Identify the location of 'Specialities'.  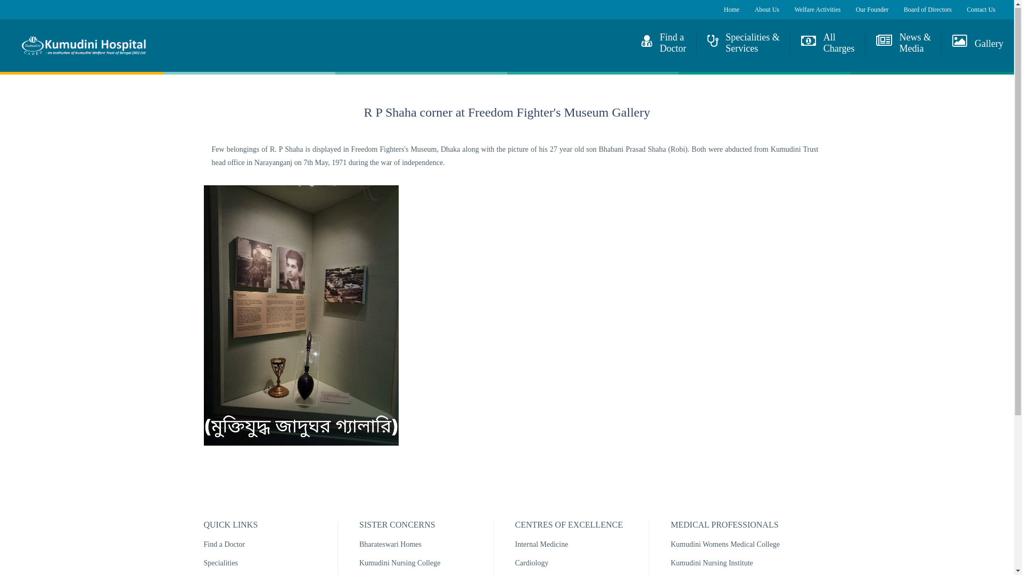
(220, 563).